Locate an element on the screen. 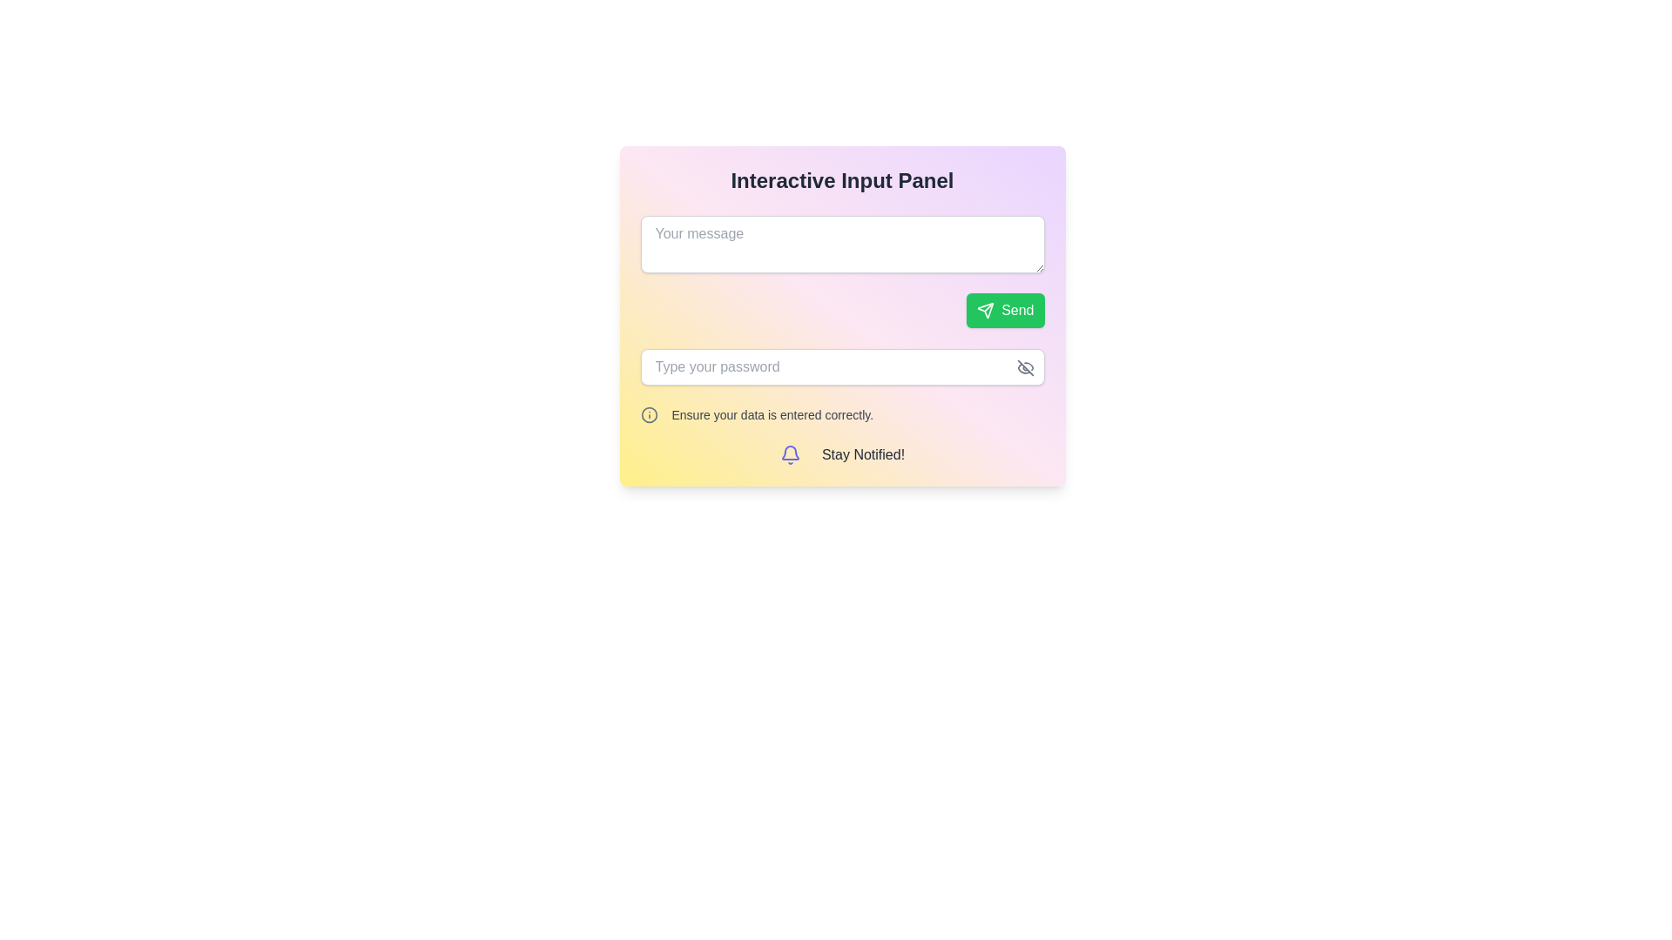 The height and width of the screenshot is (940, 1672). the text label that reads 'Ensure your data is entered correctly' which is in gray font and located to the right of an information icon is located at coordinates (772, 415).